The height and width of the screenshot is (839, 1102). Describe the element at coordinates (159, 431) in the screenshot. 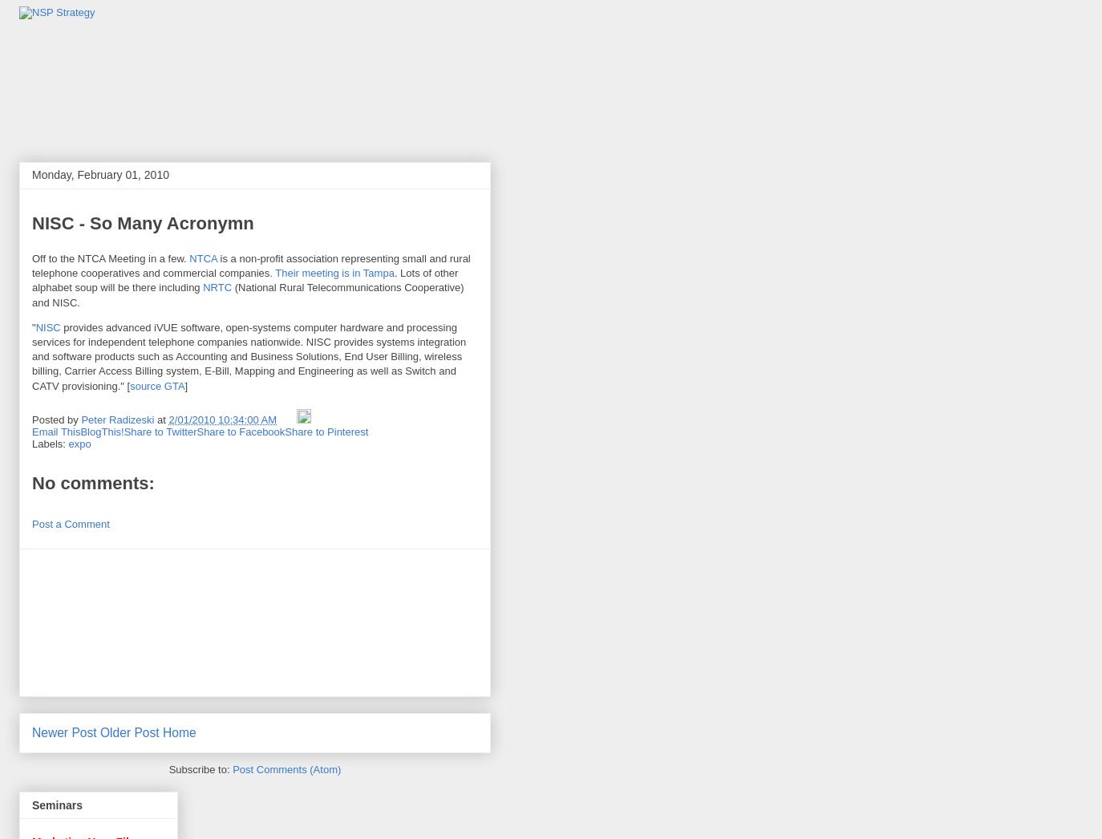

I see `'Share to Twitter'` at that location.